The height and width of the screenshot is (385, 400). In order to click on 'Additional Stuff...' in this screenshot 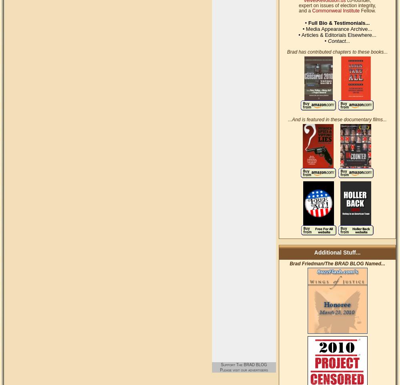, I will do `click(337, 252)`.